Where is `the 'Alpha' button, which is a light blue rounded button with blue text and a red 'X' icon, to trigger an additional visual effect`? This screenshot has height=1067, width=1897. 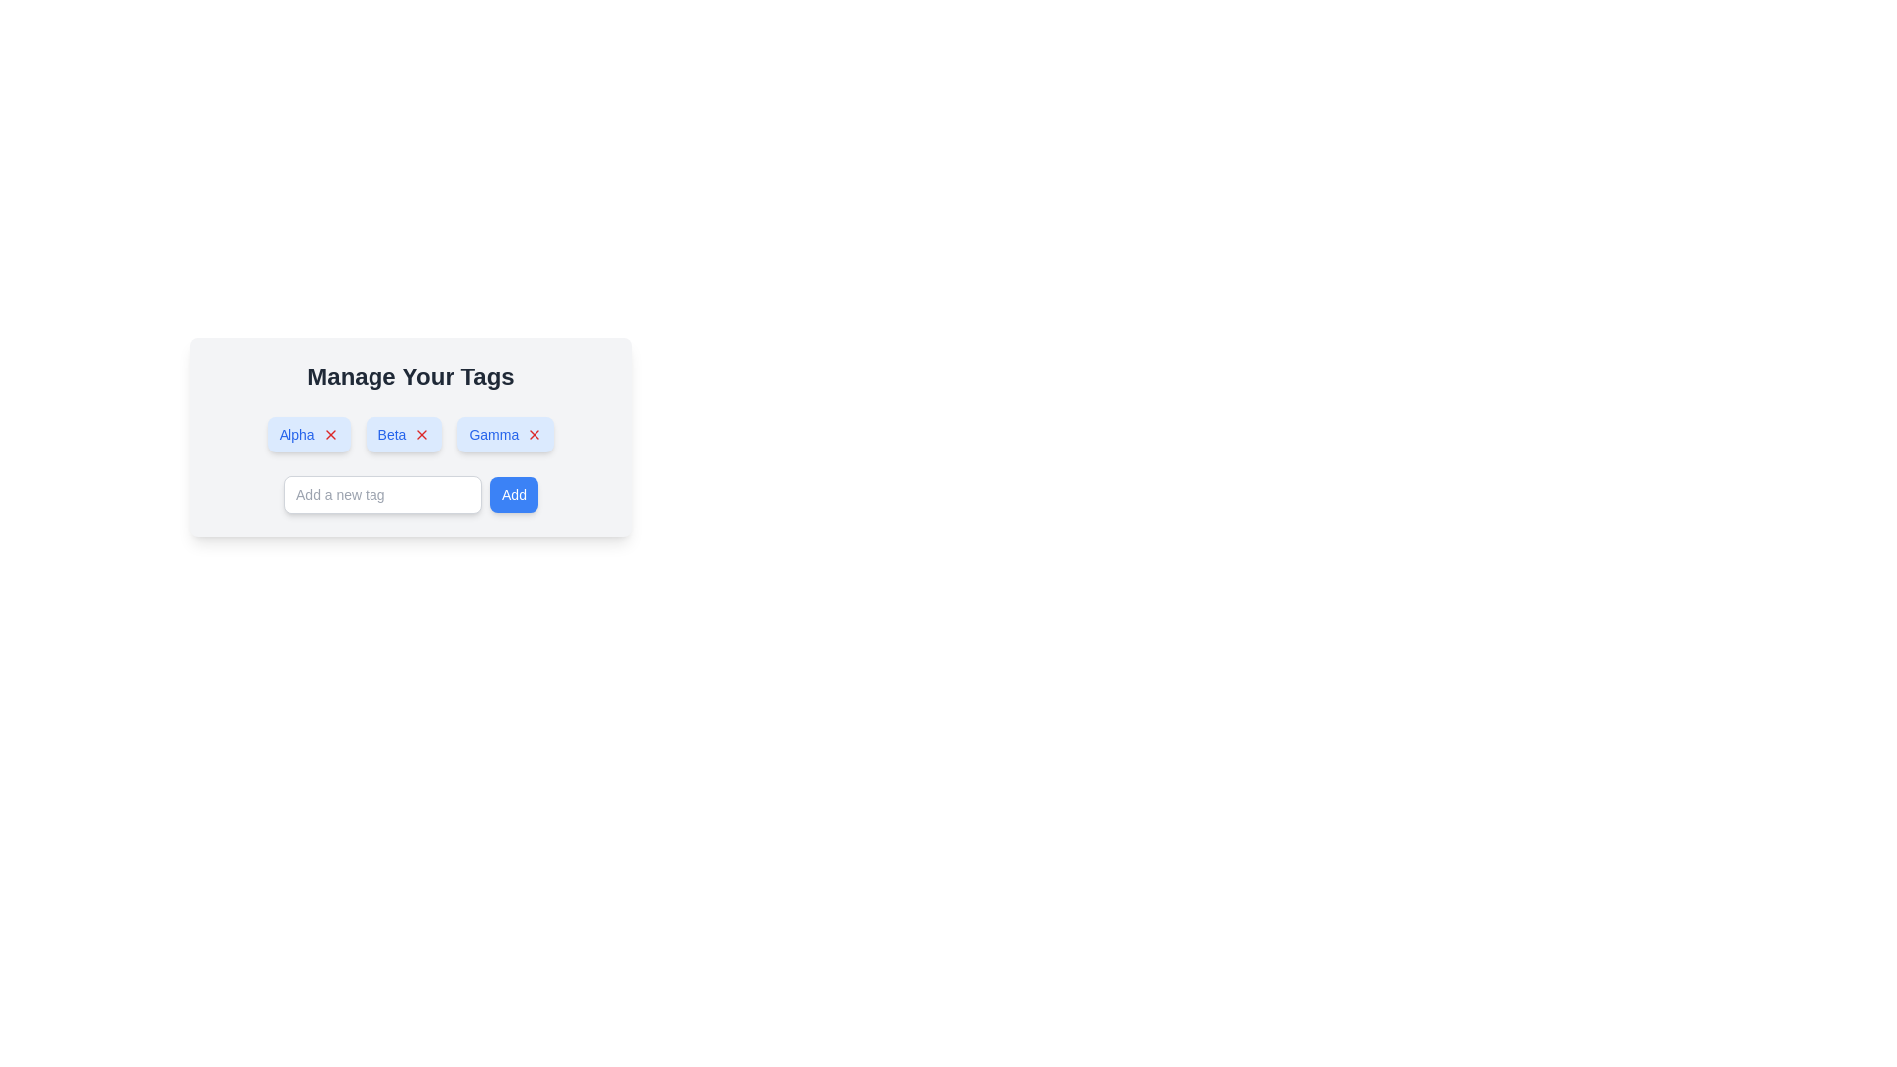 the 'Alpha' button, which is a light blue rounded button with blue text and a red 'X' icon, to trigger an additional visual effect is located at coordinates (307, 433).